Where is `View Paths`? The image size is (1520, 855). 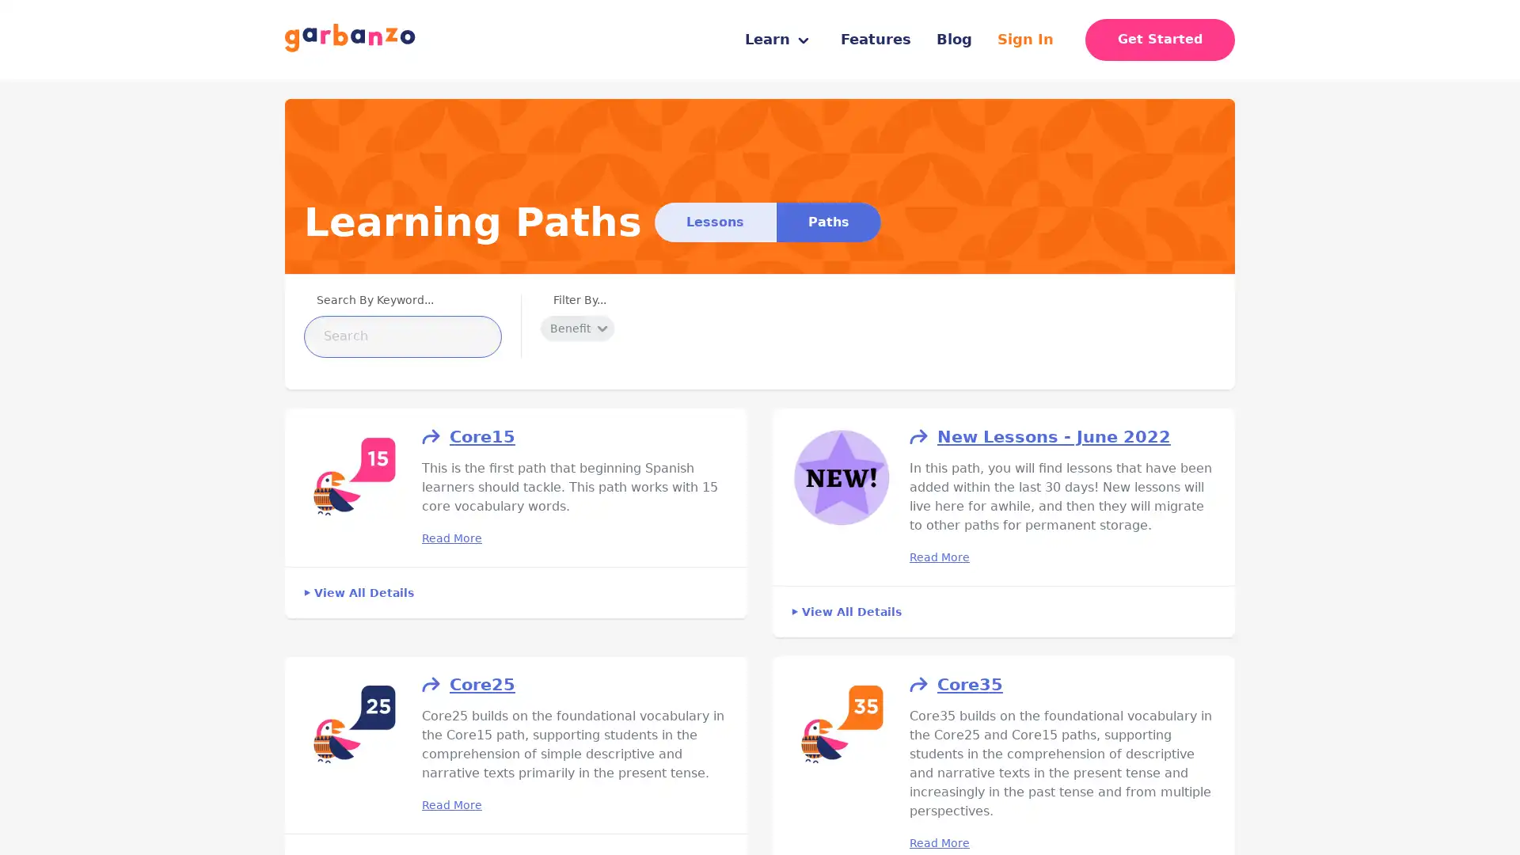
View Paths is located at coordinates (827, 222).